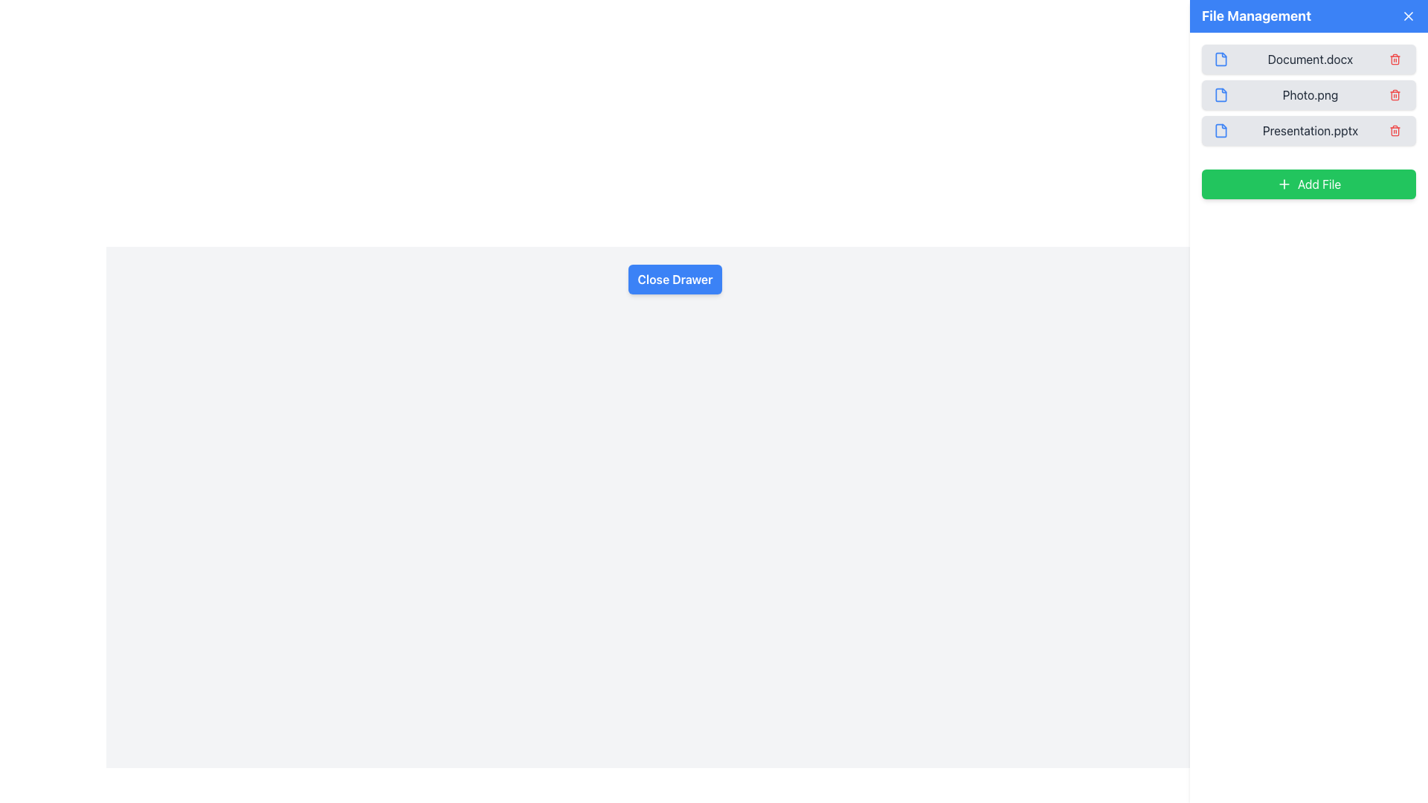  Describe the element at coordinates (1309, 130) in the screenshot. I see `to select the list item displaying the filename 'Presentation.pptx' in the file manager's right-side panel labeled 'File Management'` at that location.